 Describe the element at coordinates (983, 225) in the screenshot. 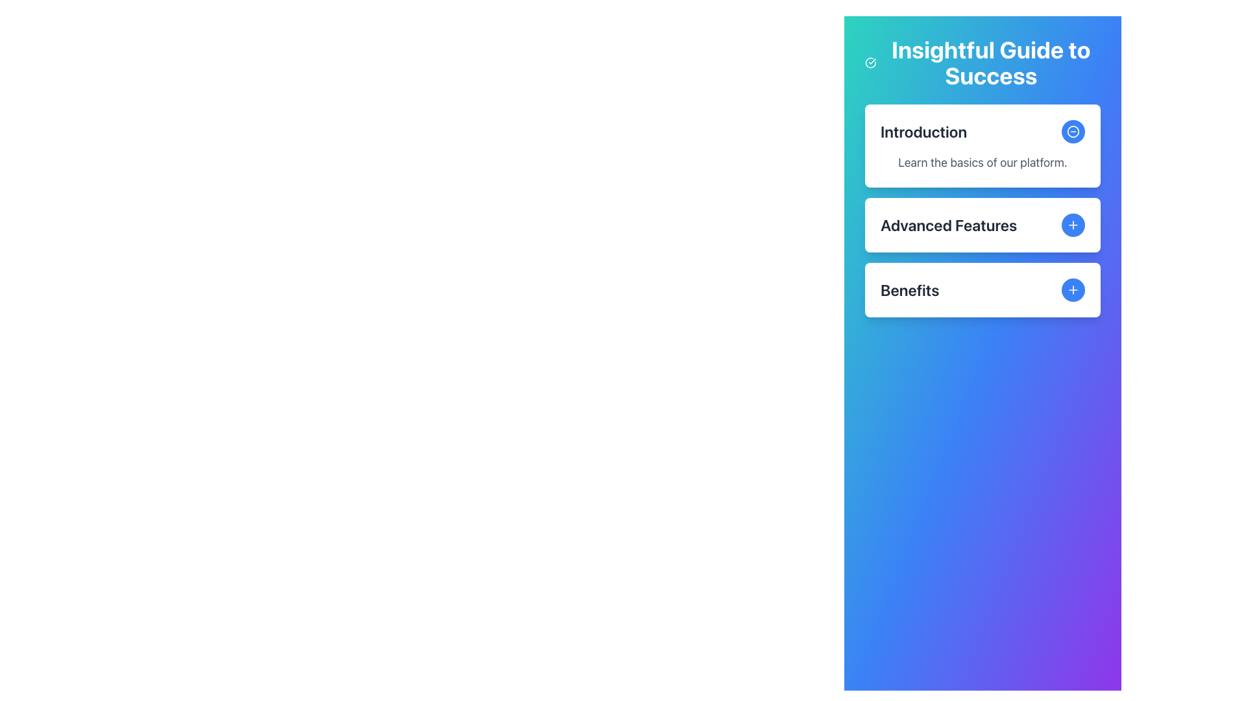

I see `the Interactive Card labeled 'Advanced Features' located centrally in the list below 'Insightful Guide to Success'` at that location.